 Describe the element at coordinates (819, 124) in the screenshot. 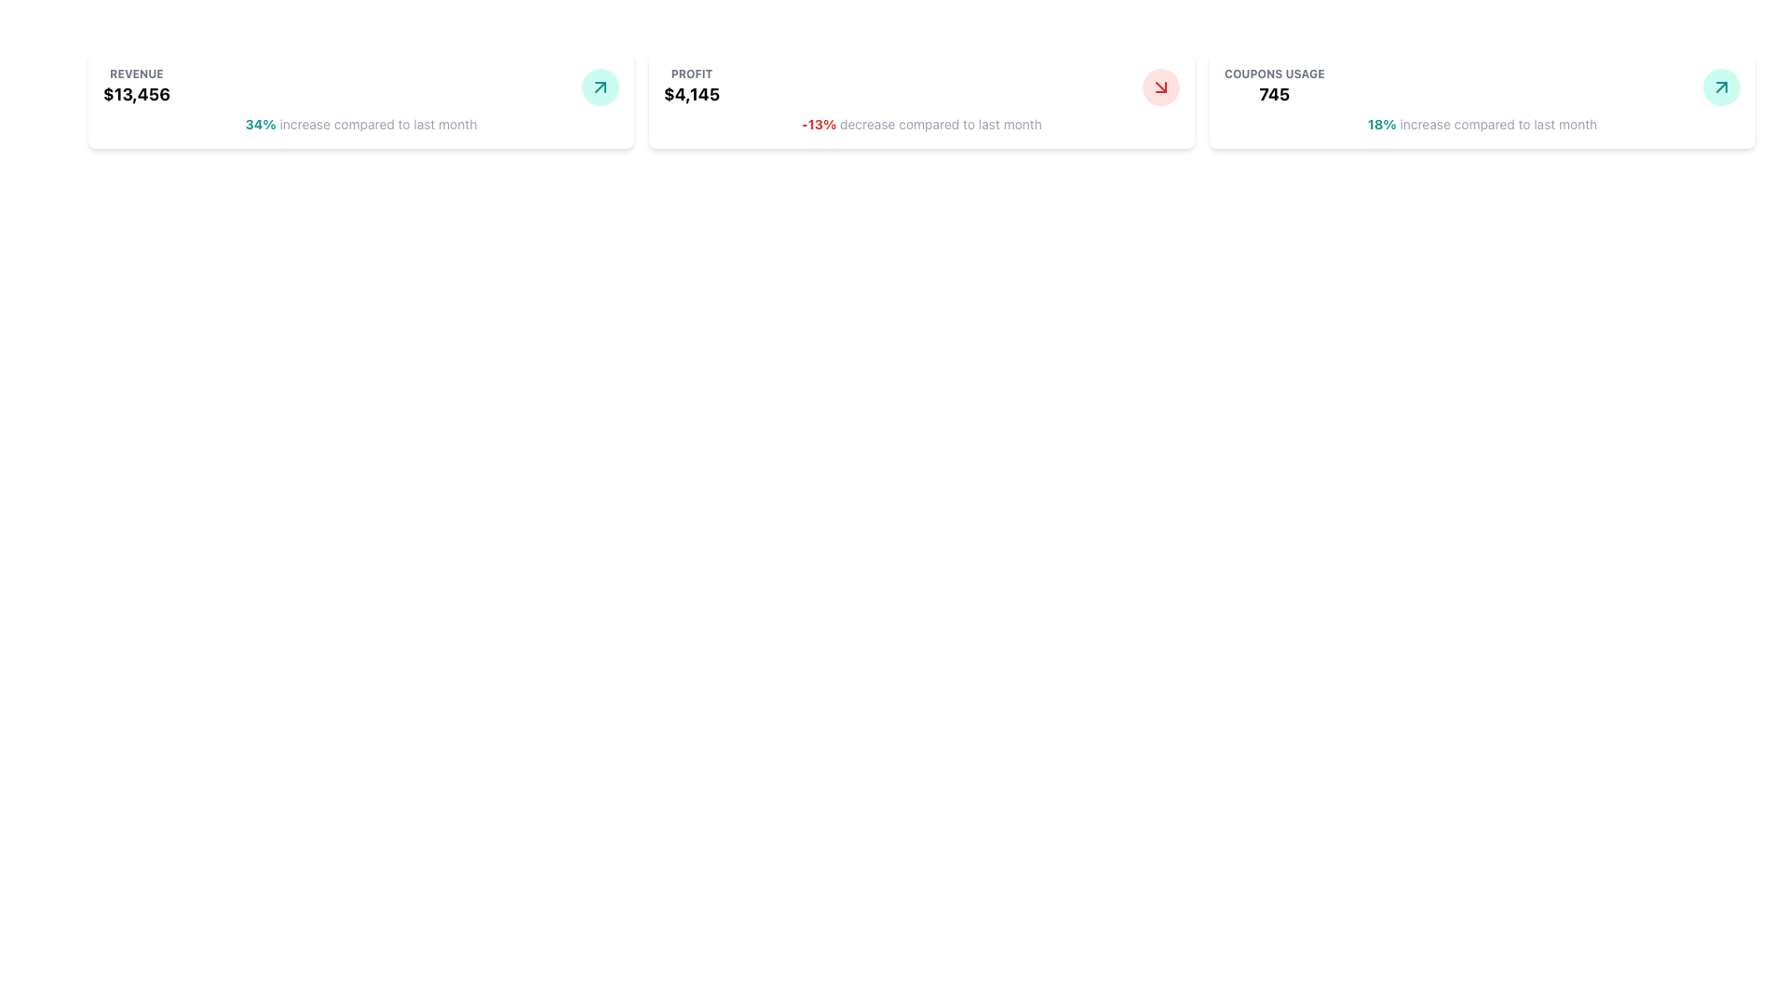

I see `the bold red text '-13%' that indicates a decrease in the second card labeled 'PROFIT' on the dashboard interface` at that location.